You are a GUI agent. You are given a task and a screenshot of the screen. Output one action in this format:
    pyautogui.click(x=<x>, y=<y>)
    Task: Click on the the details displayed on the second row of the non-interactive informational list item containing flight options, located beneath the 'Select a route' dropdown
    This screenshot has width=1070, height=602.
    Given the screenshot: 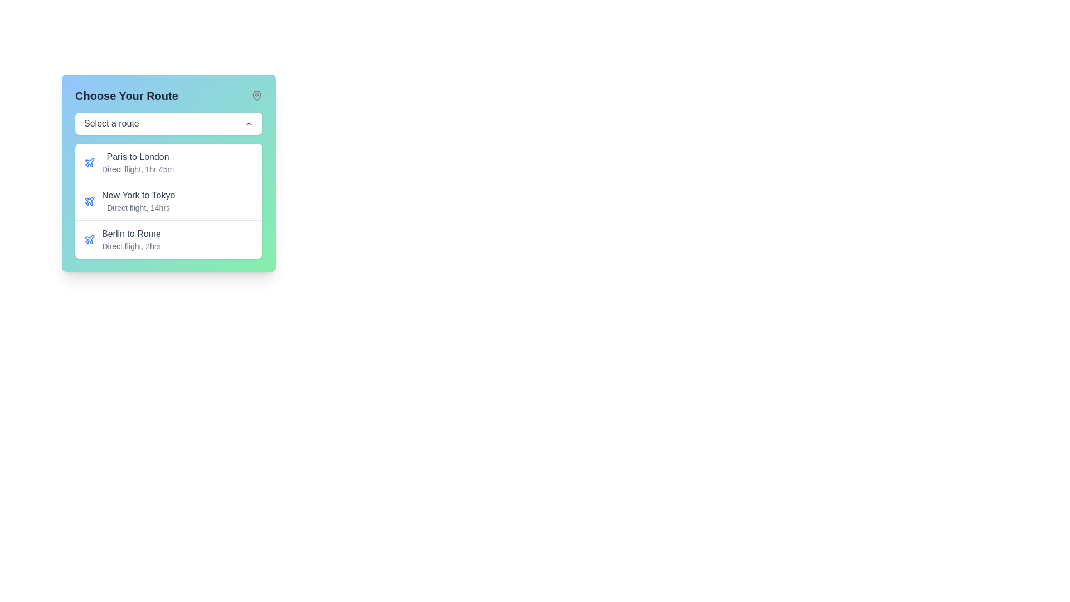 What is the action you would take?
    pyautogui.click(x=168, y=201)
    